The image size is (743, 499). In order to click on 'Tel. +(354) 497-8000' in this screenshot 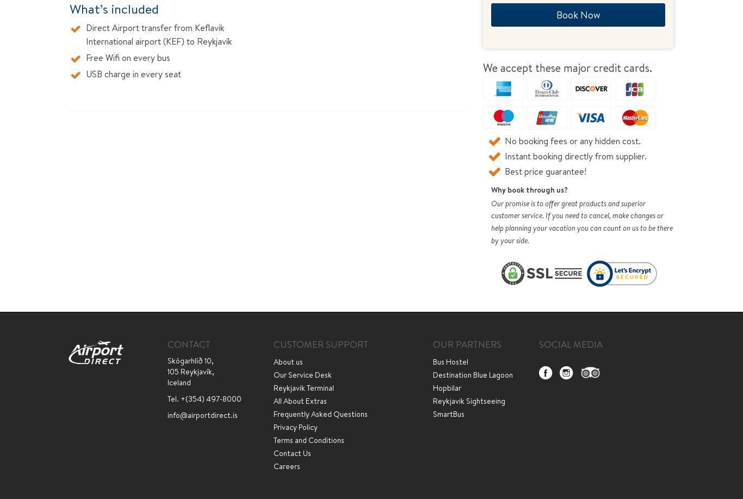, I will do `click(204, 398)`.